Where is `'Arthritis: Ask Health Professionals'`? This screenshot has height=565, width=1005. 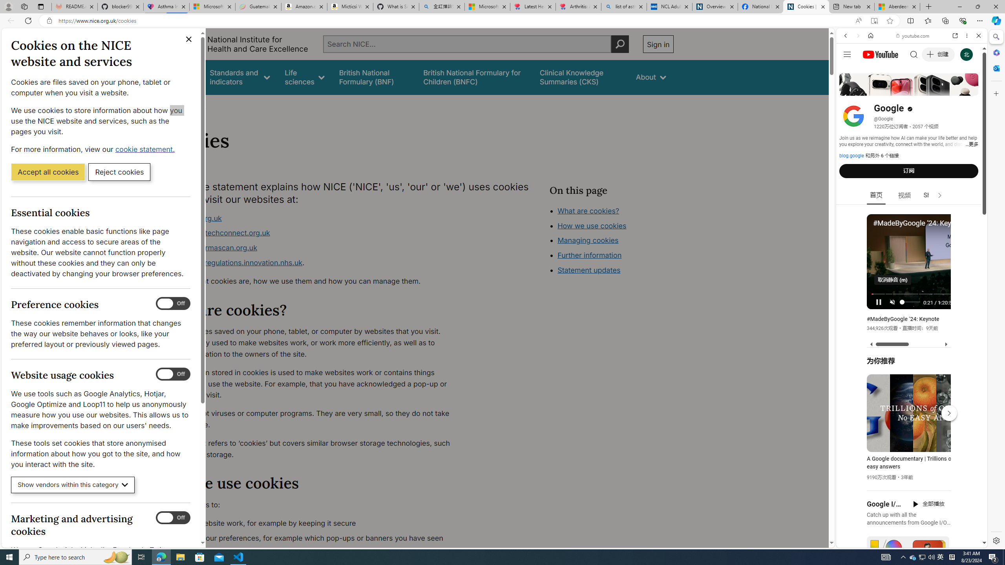
'Arthritis: Ask Health Professionals' is located at coordinates (578, 6).